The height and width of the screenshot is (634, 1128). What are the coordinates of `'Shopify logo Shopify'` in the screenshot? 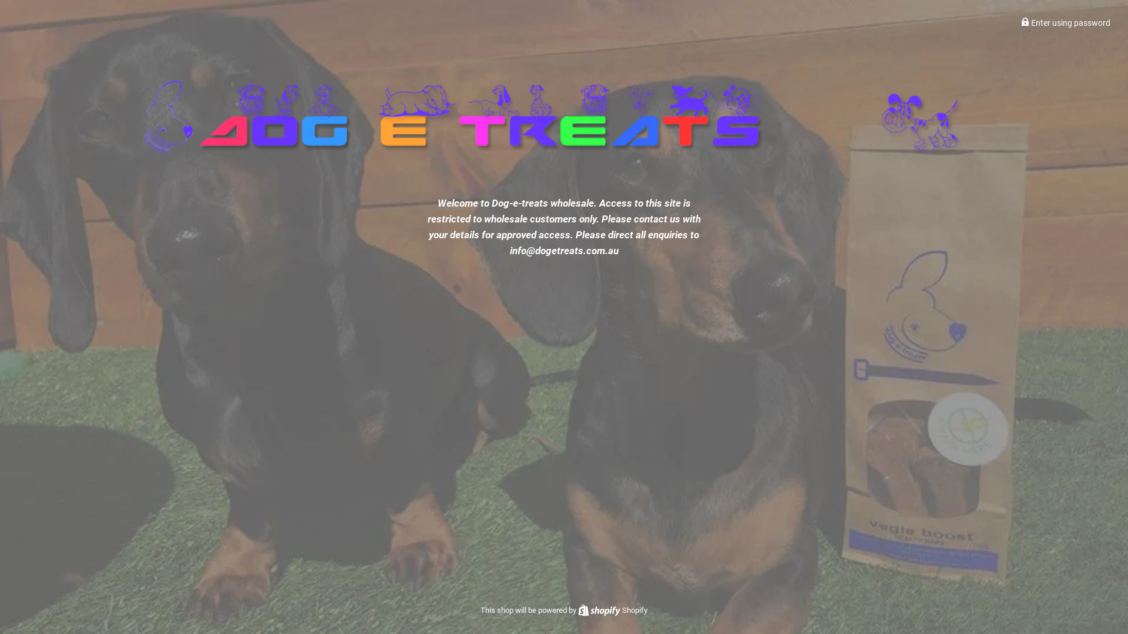 It's located at (612, 609).